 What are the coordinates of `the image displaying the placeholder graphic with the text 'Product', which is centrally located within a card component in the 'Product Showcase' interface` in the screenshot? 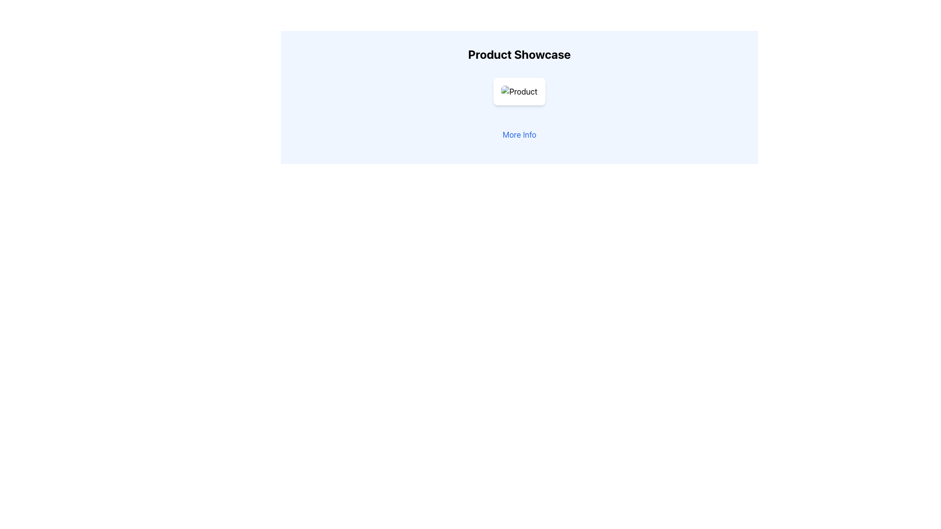 It's located at (519, 91).